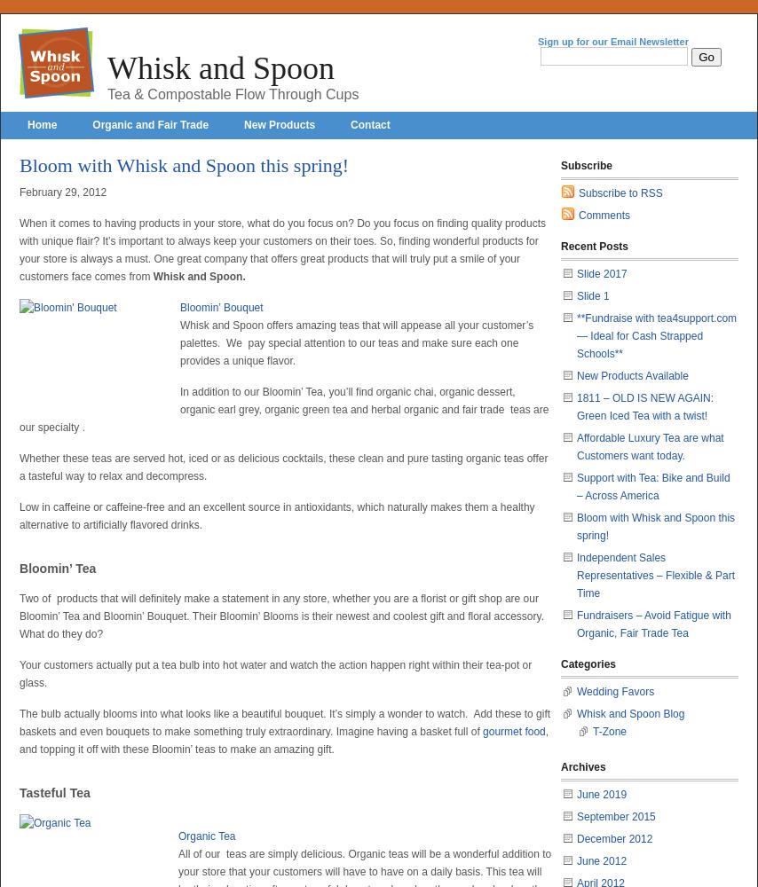  I want to click on 'In addition to our Bloomin’ Tea, you’ll find organic chai, organic dessert, organic earl grey, organic green tea and herbal organic and fair trade  teas are our specialty .', so click(282, 409).